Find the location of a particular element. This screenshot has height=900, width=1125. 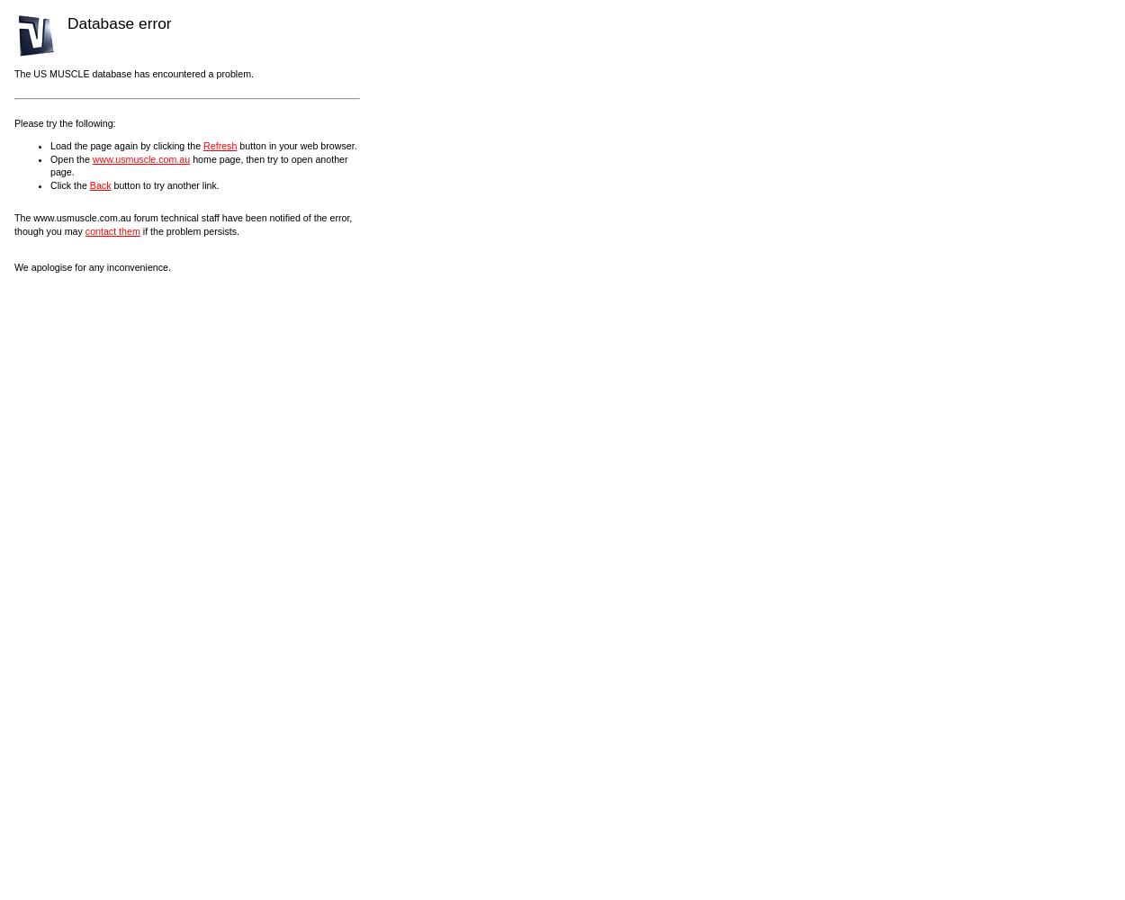

'Open the' is located at coordinates (50, 158).